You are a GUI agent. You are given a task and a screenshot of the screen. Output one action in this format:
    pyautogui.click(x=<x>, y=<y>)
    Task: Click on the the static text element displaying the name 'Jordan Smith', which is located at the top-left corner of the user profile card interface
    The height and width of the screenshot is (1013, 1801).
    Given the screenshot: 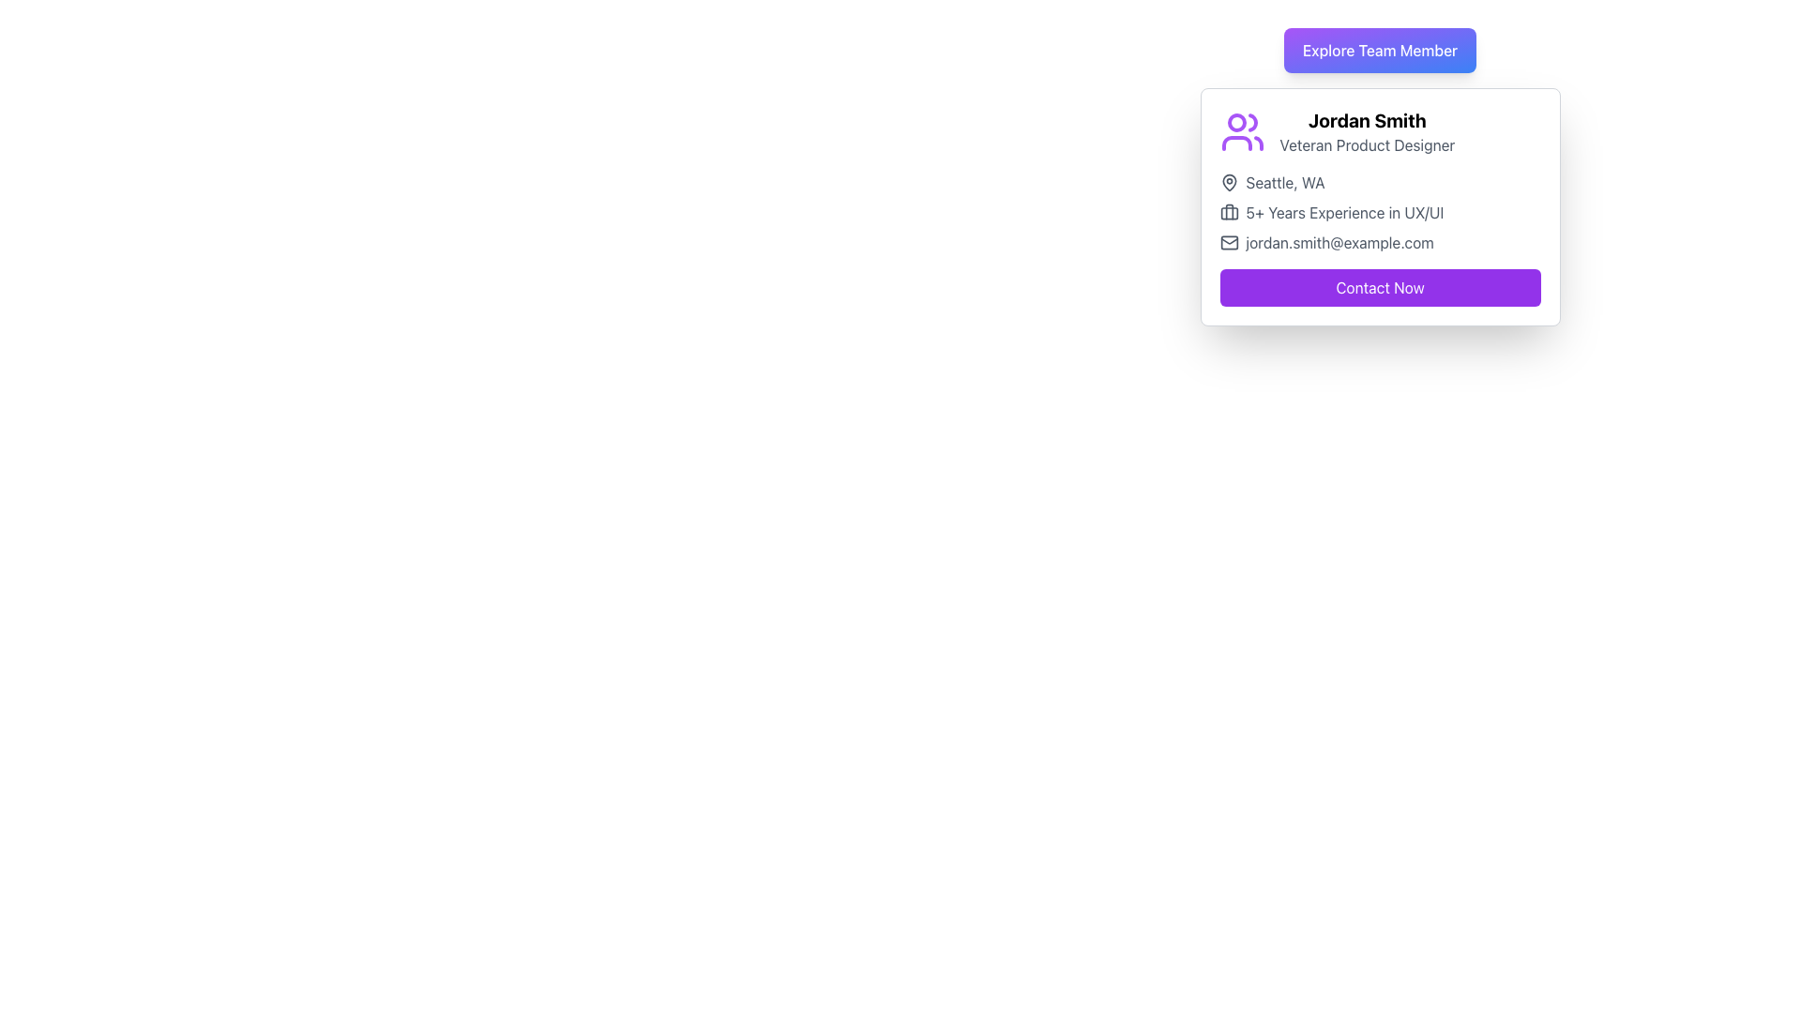 What is the action you would take?
    pyautogui.click(x=1367, y=120)
    